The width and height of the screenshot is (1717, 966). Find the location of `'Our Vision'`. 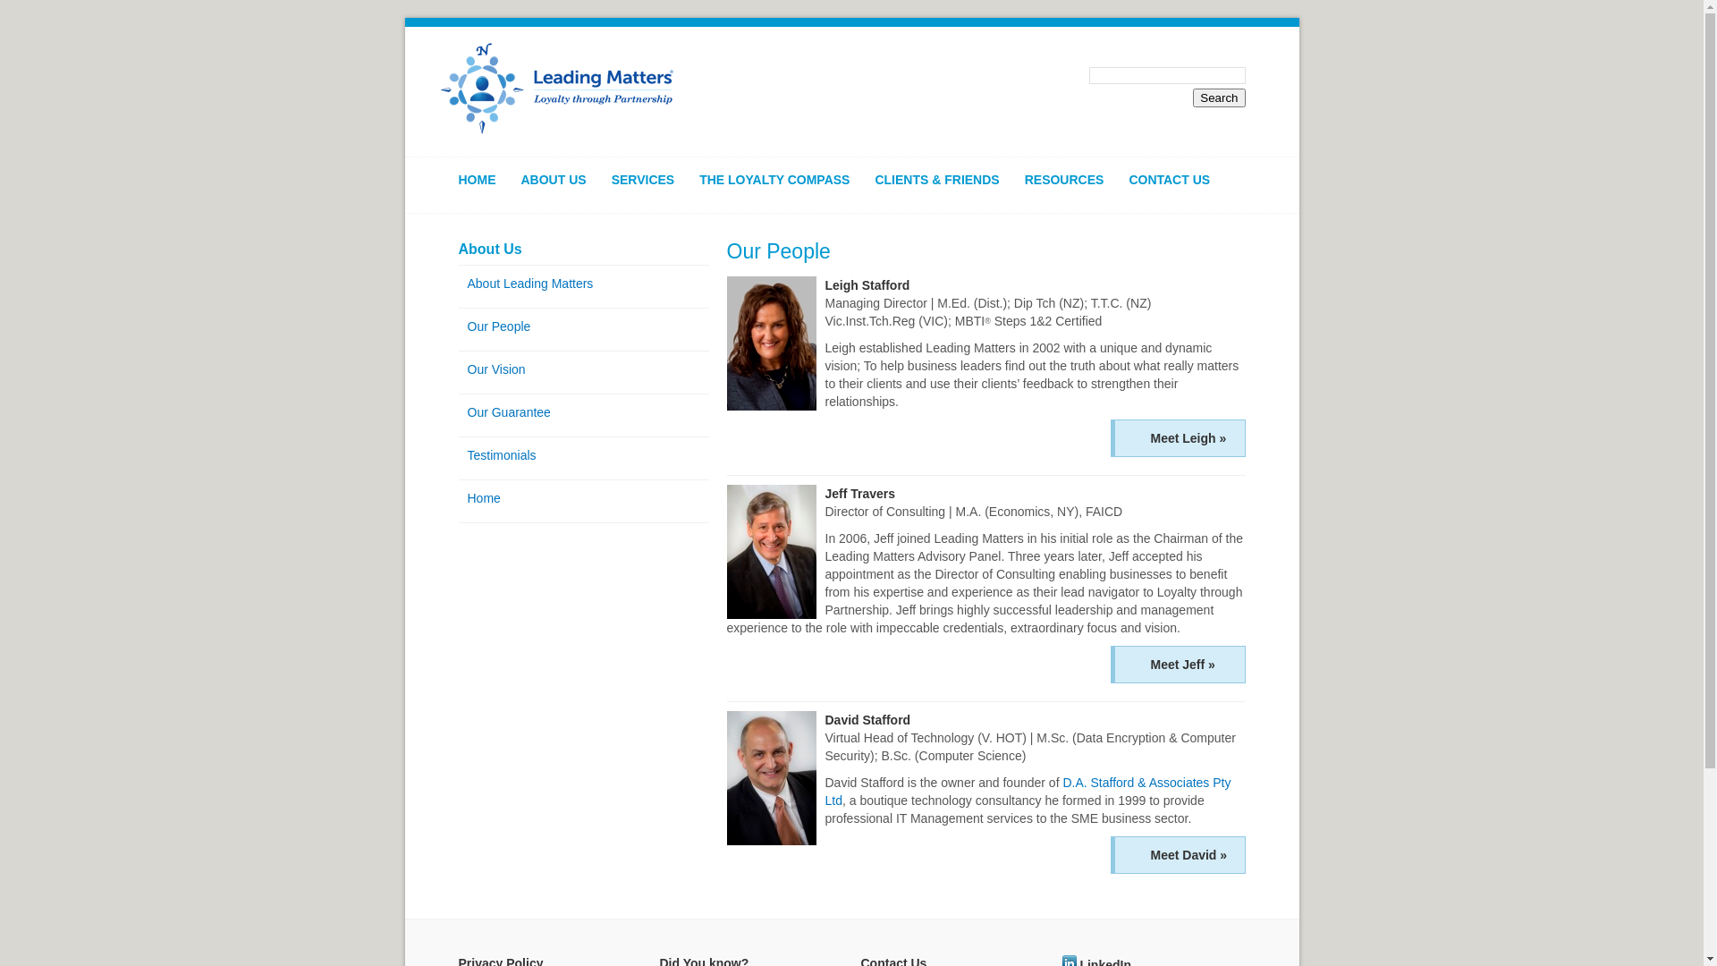

'Our Vision' is located at coordinates (583, 368).